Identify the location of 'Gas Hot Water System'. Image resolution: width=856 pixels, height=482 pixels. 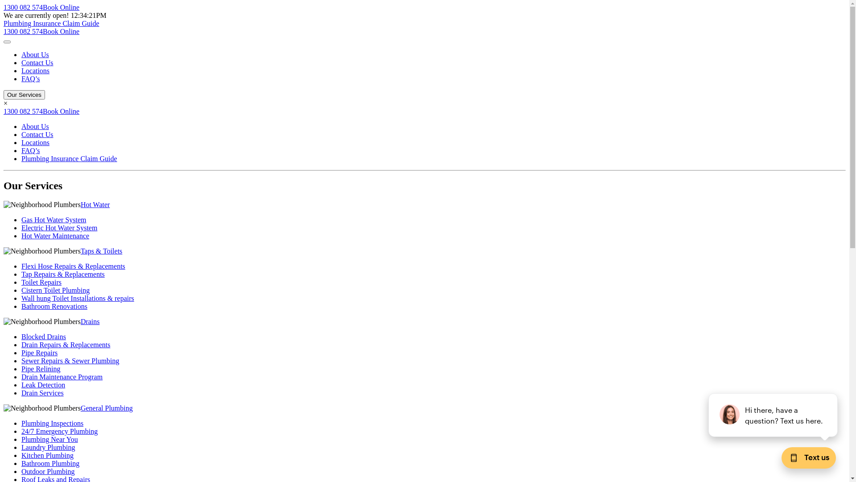
(53, 220).